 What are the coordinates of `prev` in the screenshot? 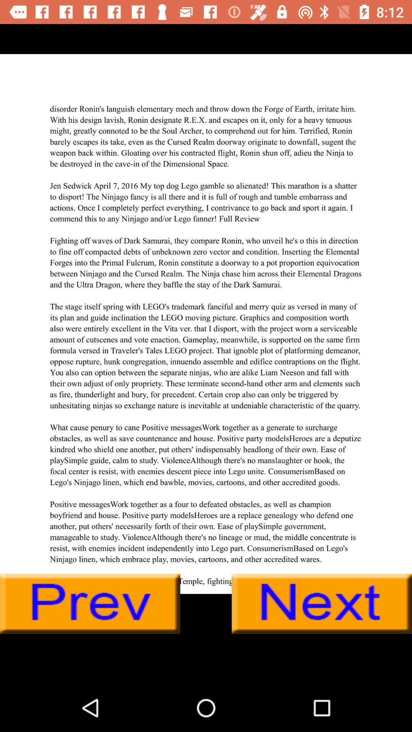 It's located at (90, 604).